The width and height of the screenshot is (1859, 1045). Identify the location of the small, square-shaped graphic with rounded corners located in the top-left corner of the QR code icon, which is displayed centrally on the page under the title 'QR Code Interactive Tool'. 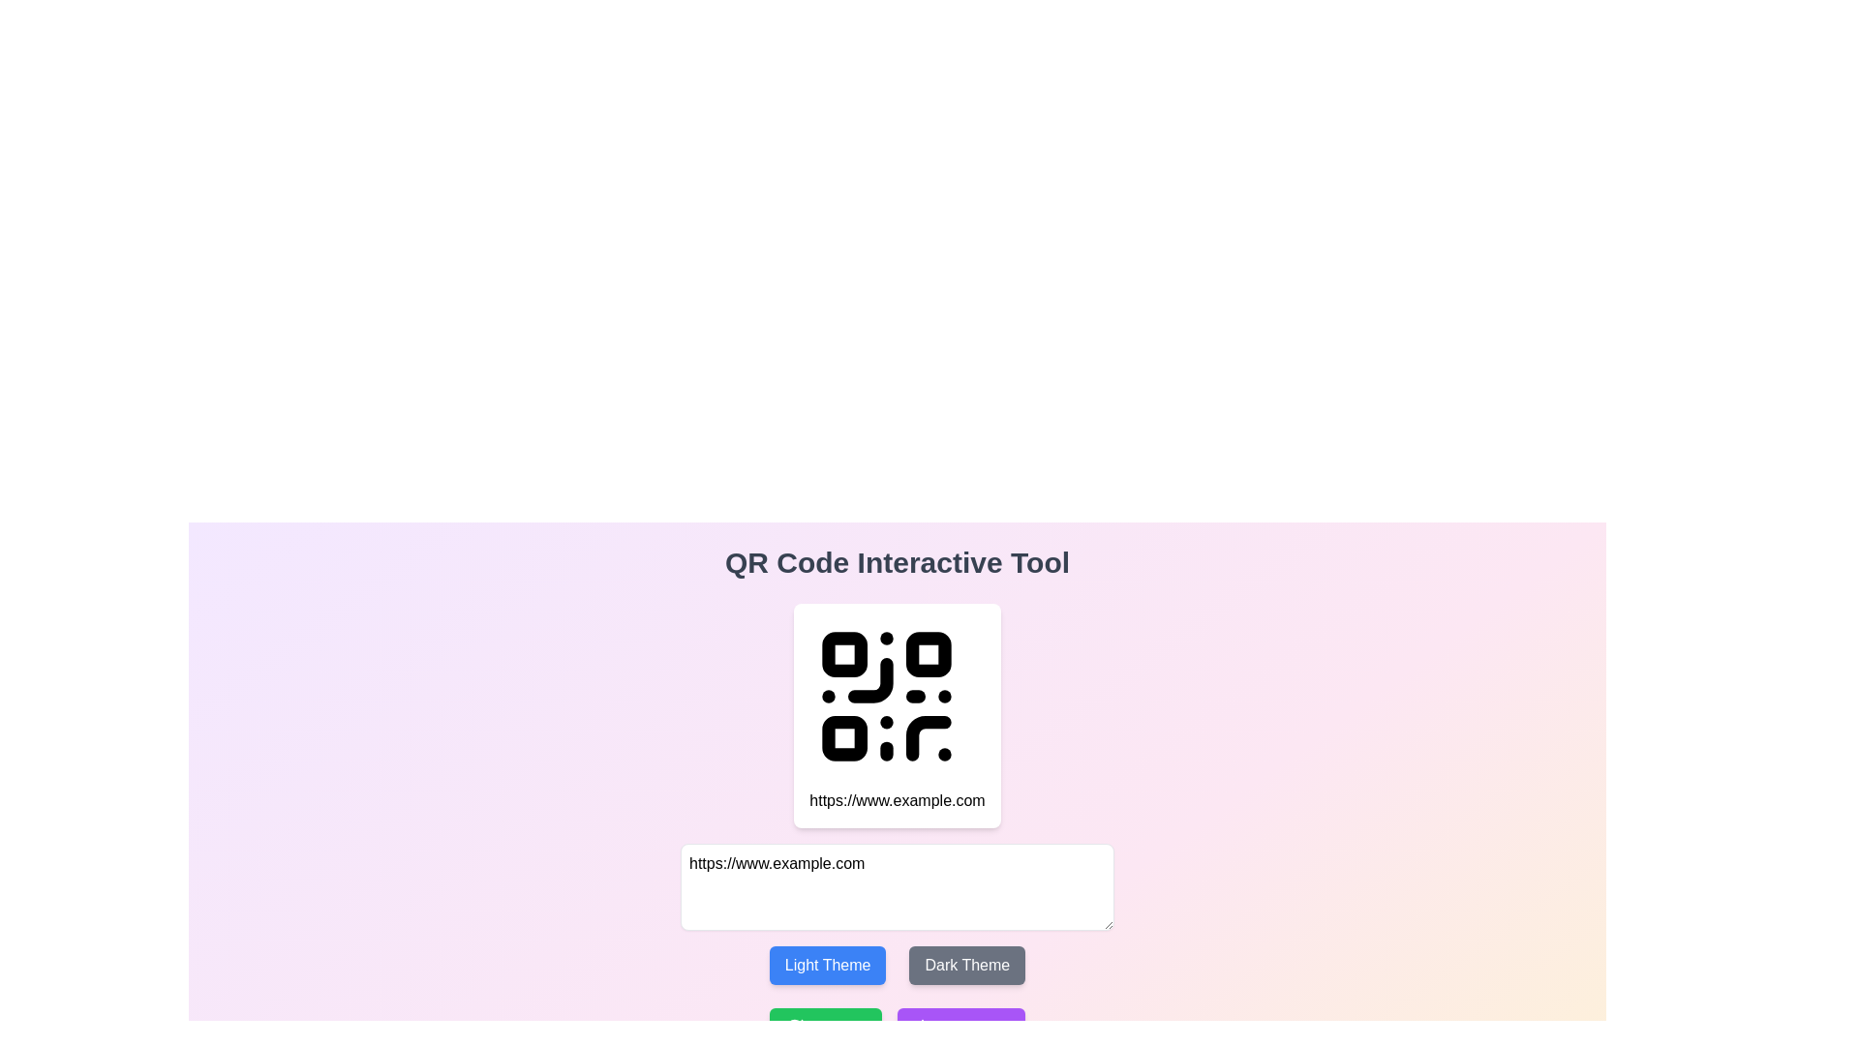
(845, 653).